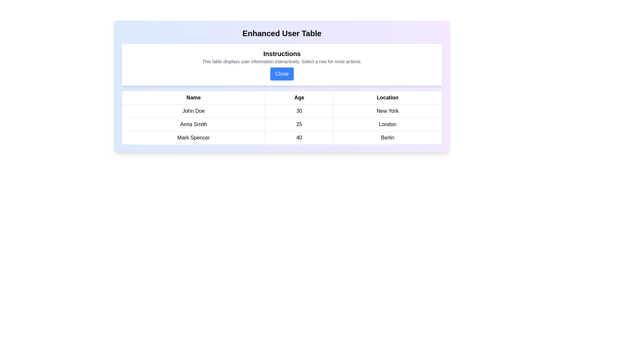 The image size is (626, 352). What do you see at coordinates (299, 138) in the screenshot?
I see `the Text Label displaying the age information for 'Mark Spencer', located in the second column of the third row of the table` at bounding box center [299, 138].